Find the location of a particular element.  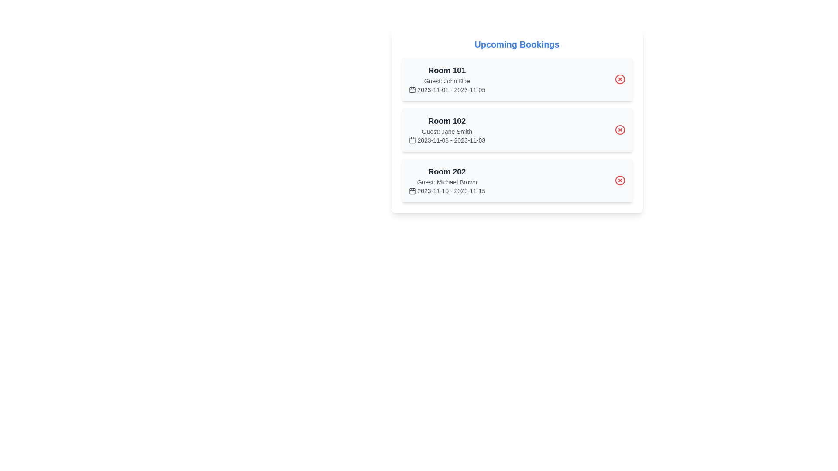

the delete or cancel button in the top-right corner of the 'Room 102' content block is located at coordinates (619, 130).